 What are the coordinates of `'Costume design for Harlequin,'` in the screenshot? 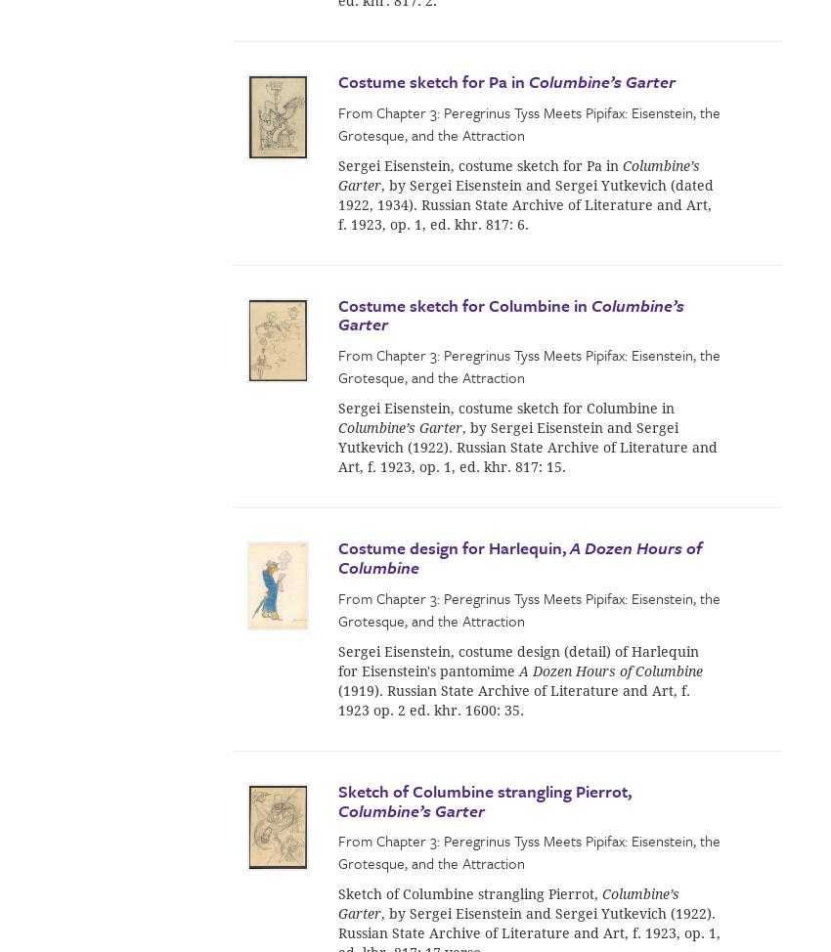 It's located at (453, 547).